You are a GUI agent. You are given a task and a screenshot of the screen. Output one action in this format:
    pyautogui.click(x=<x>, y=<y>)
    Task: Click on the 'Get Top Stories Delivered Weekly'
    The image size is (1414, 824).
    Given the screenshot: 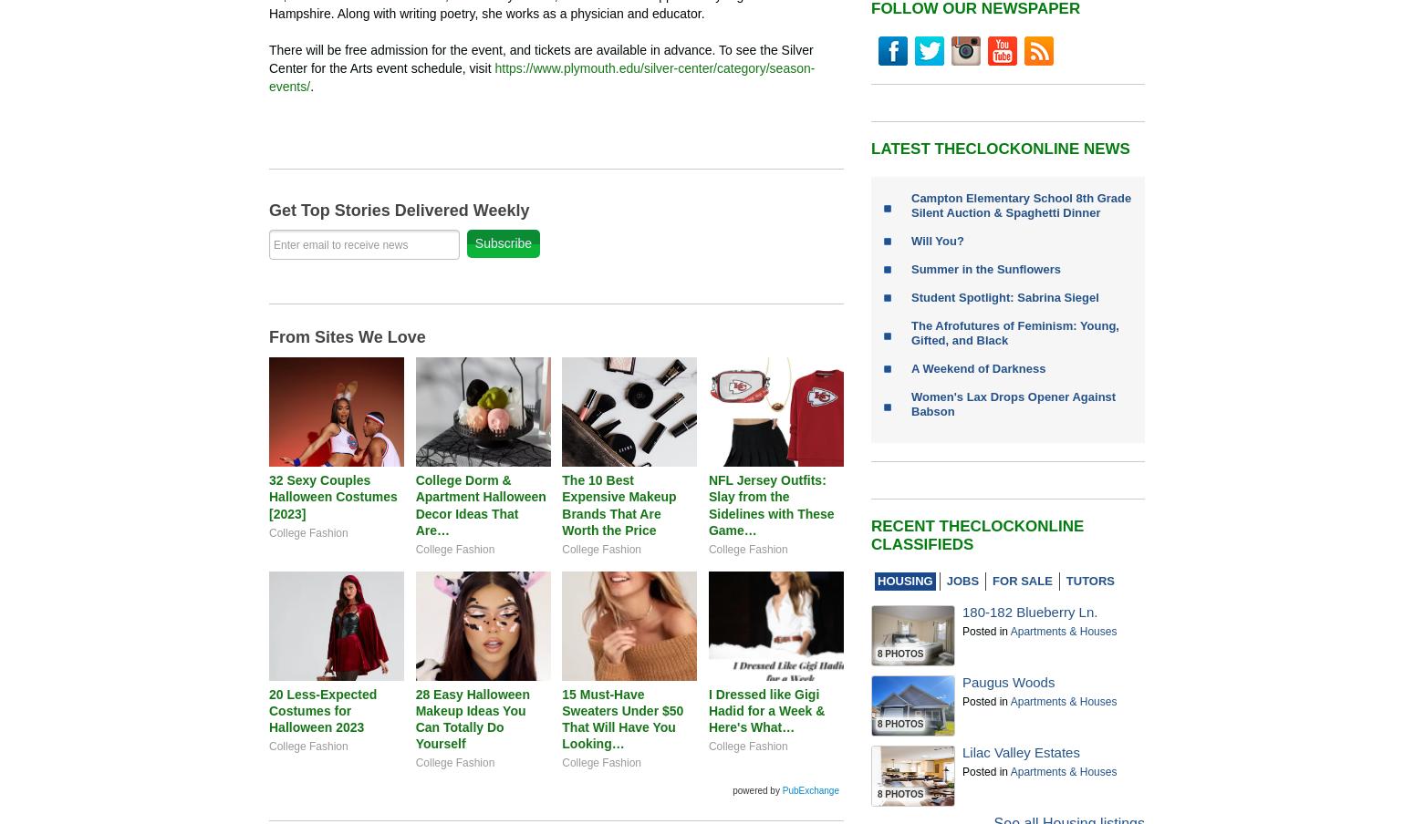 What is the action you would take?
    pyautogui.click(x=399, y=208)
    